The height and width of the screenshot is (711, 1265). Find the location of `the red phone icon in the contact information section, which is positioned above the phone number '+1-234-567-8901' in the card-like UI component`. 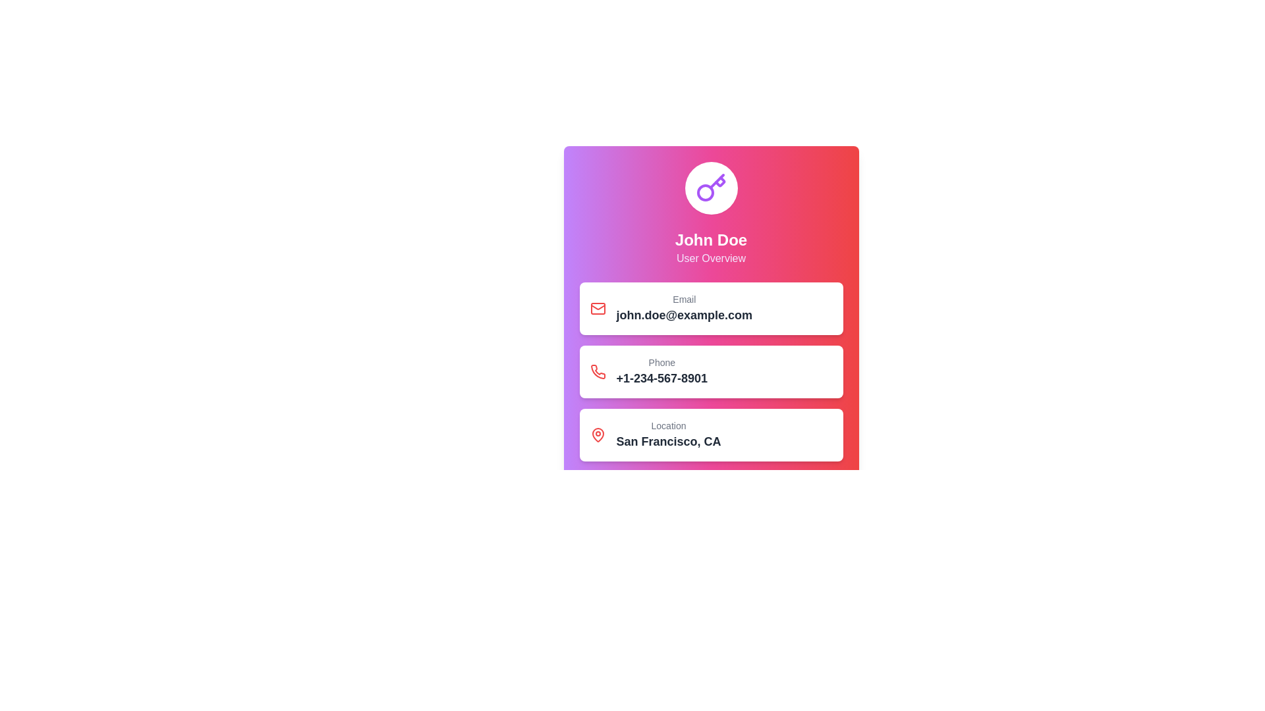

the red phone icon in the contact information section, which is positioned above the phone number '+1-234-567-8901' in the card-like UI component is located at coordinates (597, 371).